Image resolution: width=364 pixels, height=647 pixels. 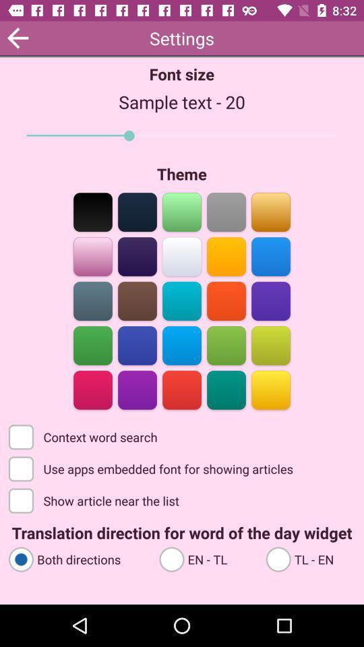 What do you see at coordinates (270, 300) in the screenshot?
I see `blue color` at bounding box center [270, 300].